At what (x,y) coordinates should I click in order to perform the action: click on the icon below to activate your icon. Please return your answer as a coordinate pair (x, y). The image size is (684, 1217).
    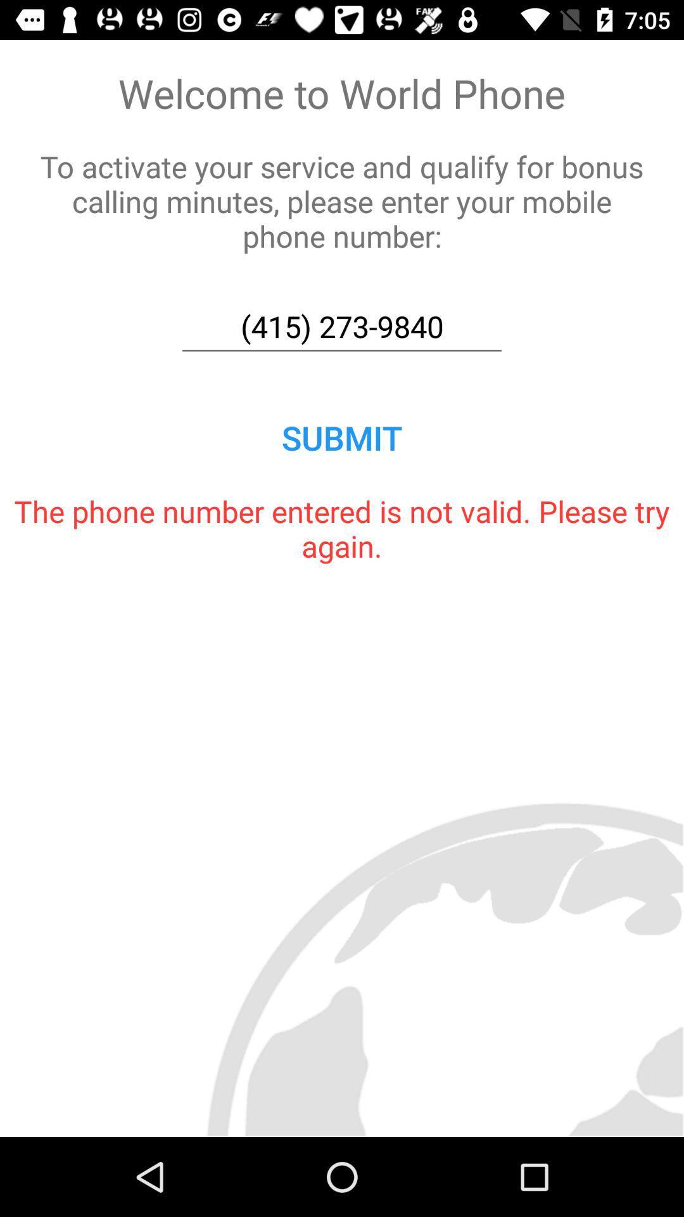
    Looking at the image, I should click on (342, 326).